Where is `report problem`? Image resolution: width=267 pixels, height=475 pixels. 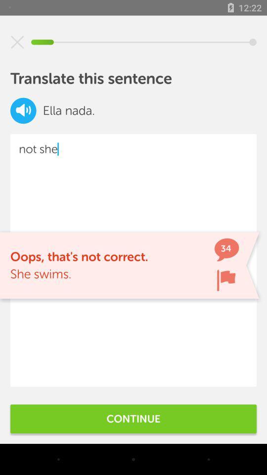
report problem is located at coordinates (226, 280).